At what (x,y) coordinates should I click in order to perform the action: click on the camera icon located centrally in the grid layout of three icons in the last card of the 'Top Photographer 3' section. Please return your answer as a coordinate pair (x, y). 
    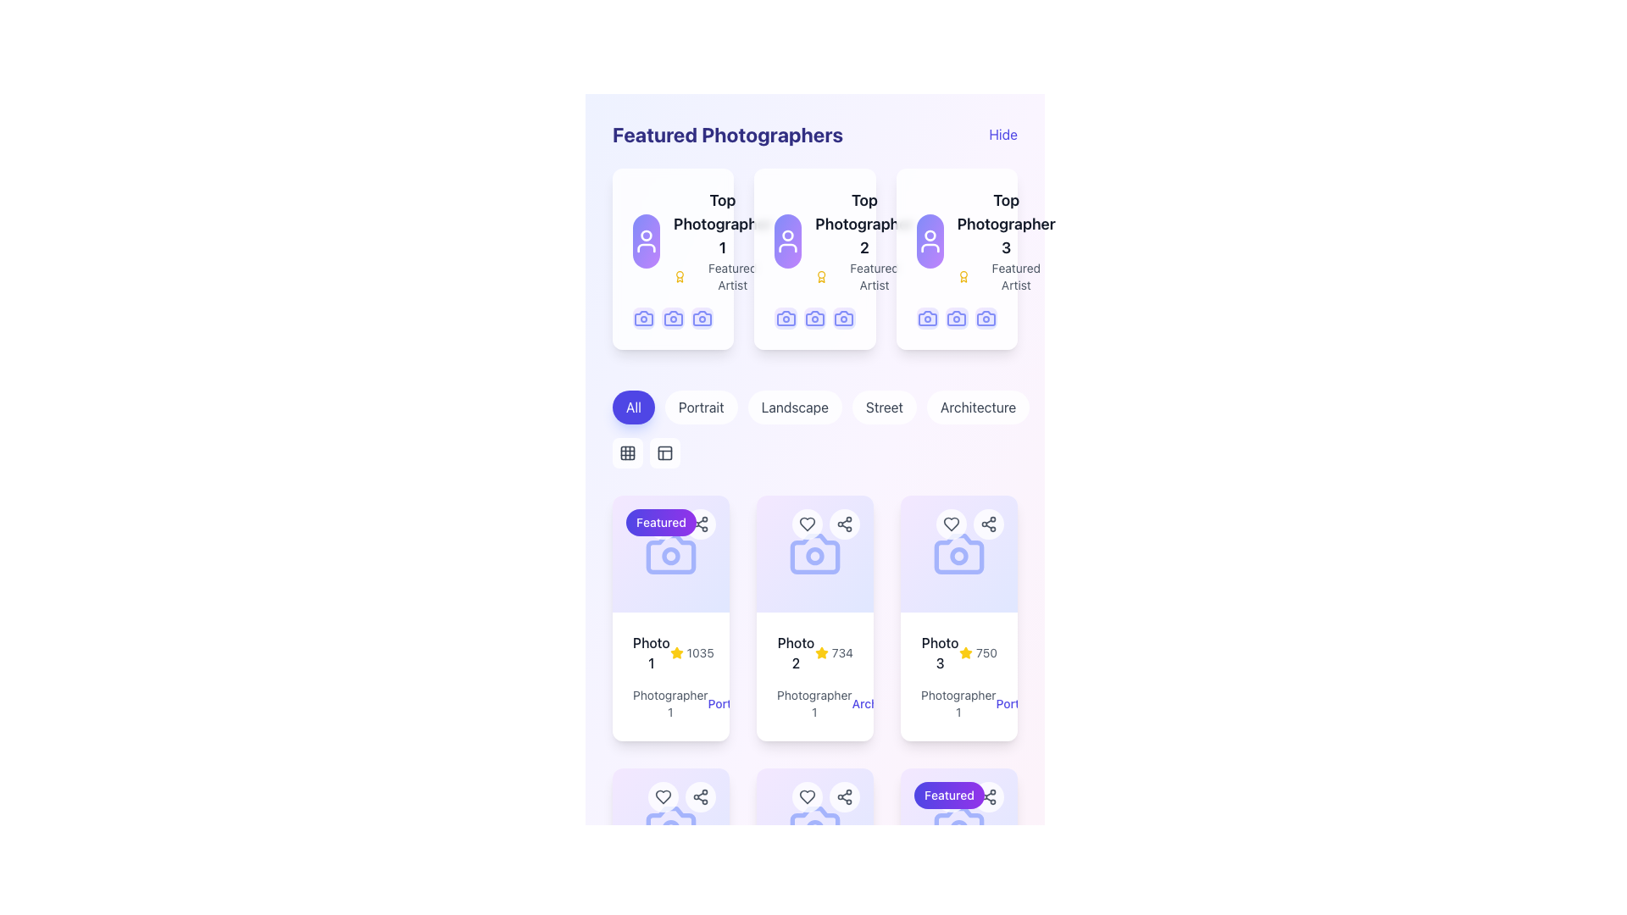
    Looking at the image, I should click on (957, 319).